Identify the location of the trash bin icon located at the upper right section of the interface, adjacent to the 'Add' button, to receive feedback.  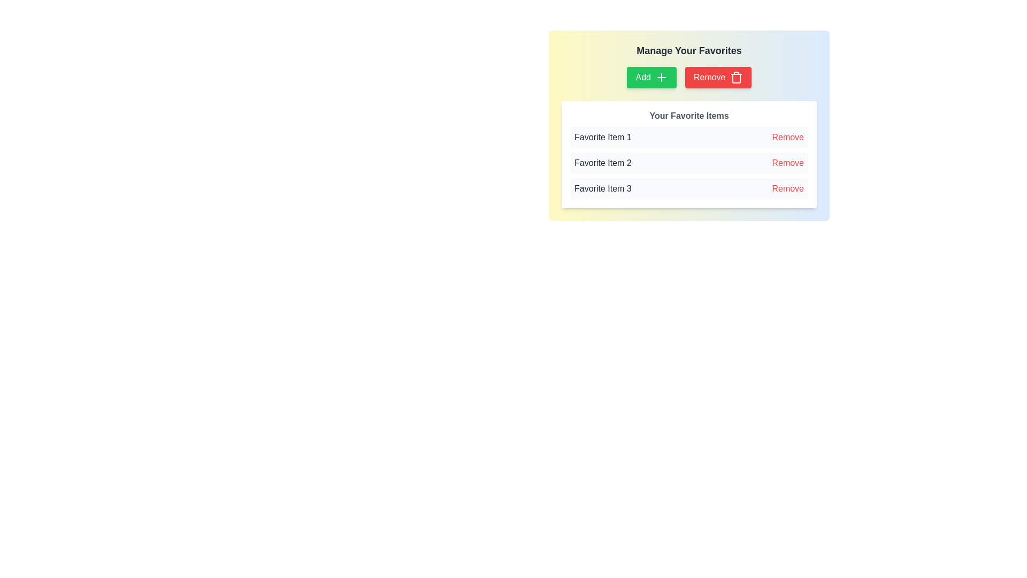
(735, 77).